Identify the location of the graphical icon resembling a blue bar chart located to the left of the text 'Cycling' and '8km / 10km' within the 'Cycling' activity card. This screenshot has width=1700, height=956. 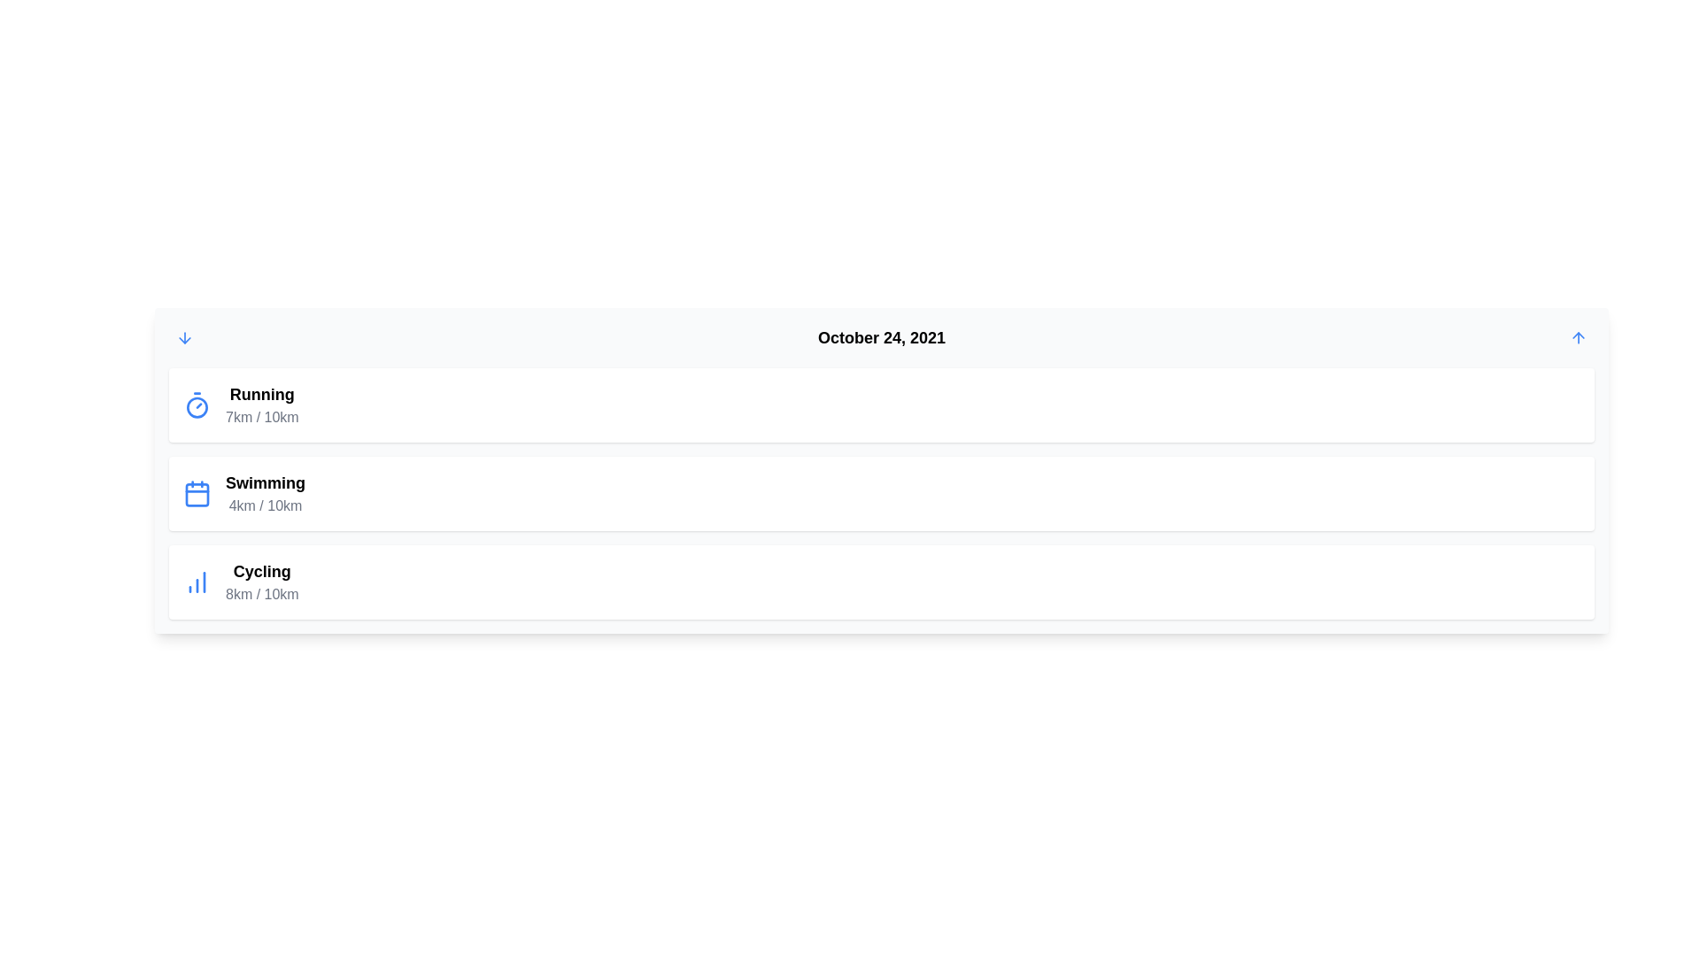
(197, 582).